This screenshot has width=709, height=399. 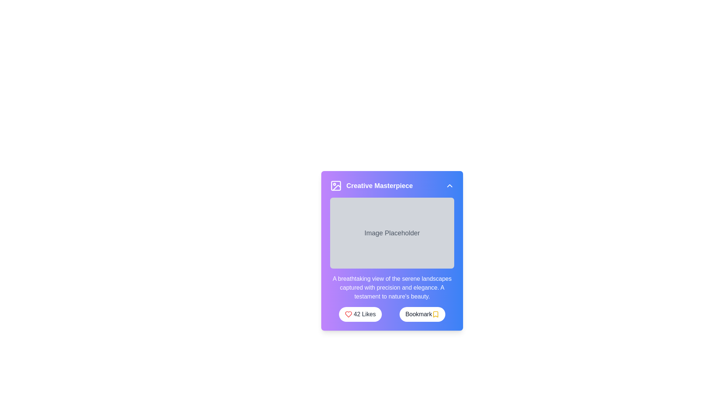 What do you see at coordinates (360, 314) in the screenshot?
I see `the '42 Likes' button, which is a white rounded rectangle with a red-outlined heart icon, to like the post` at bounding box center [360, 314].